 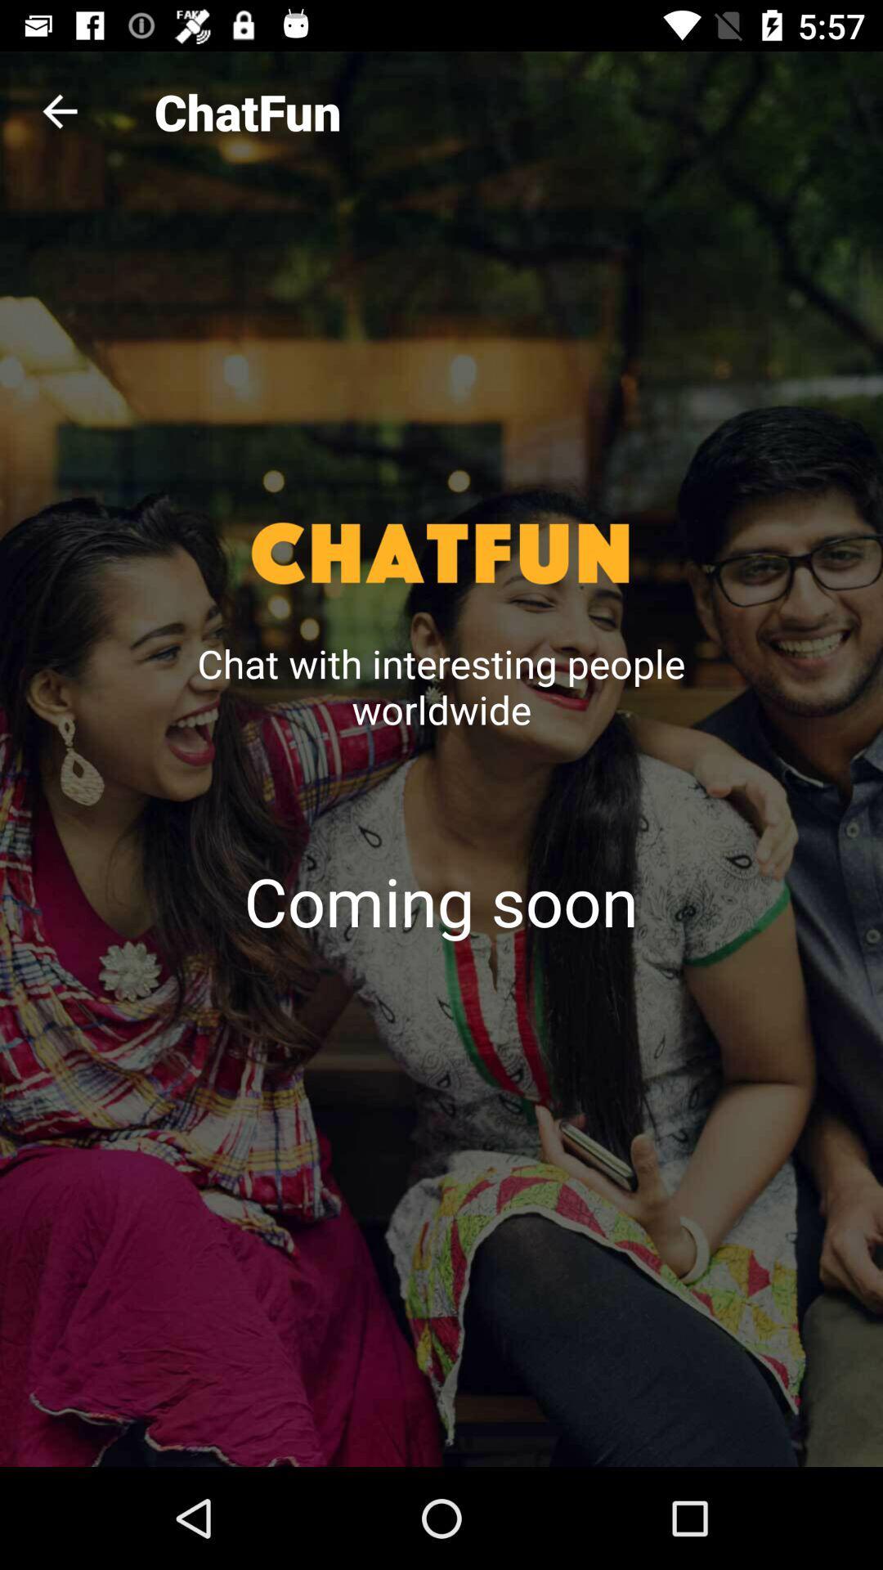 What do you see at coordinates (59, 110) in the screenshot?
I see `icon above chat with interesting item` at bounding box center [59, 110].